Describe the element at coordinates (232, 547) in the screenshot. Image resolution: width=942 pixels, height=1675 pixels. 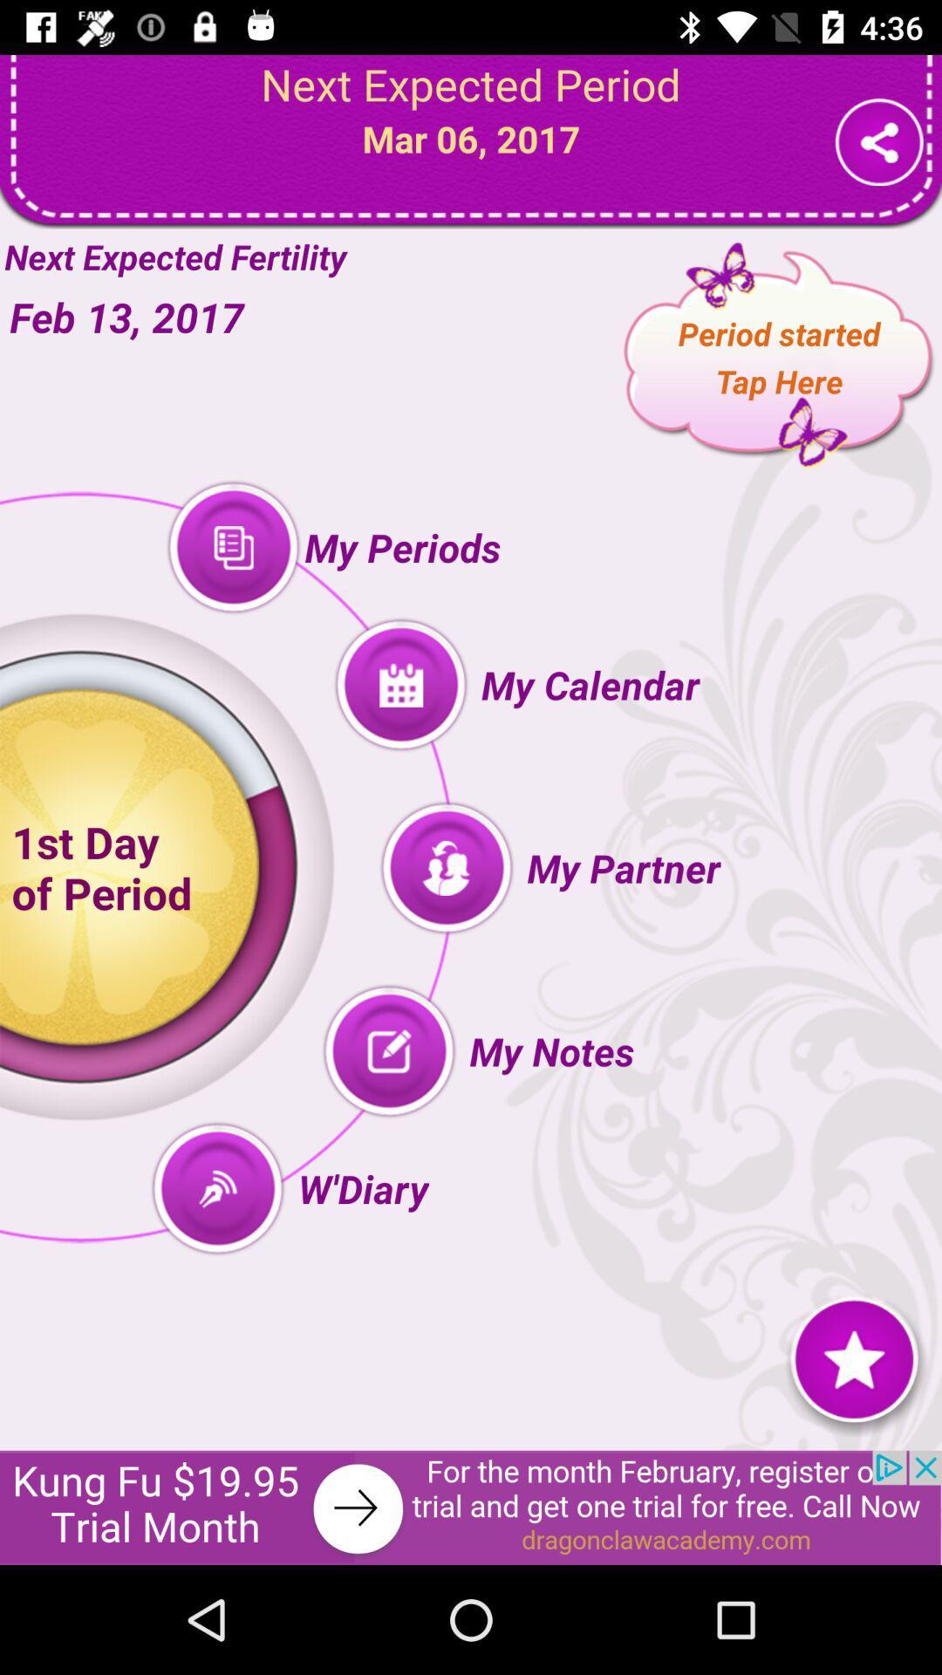
I see `the button beside my periods` at that location.